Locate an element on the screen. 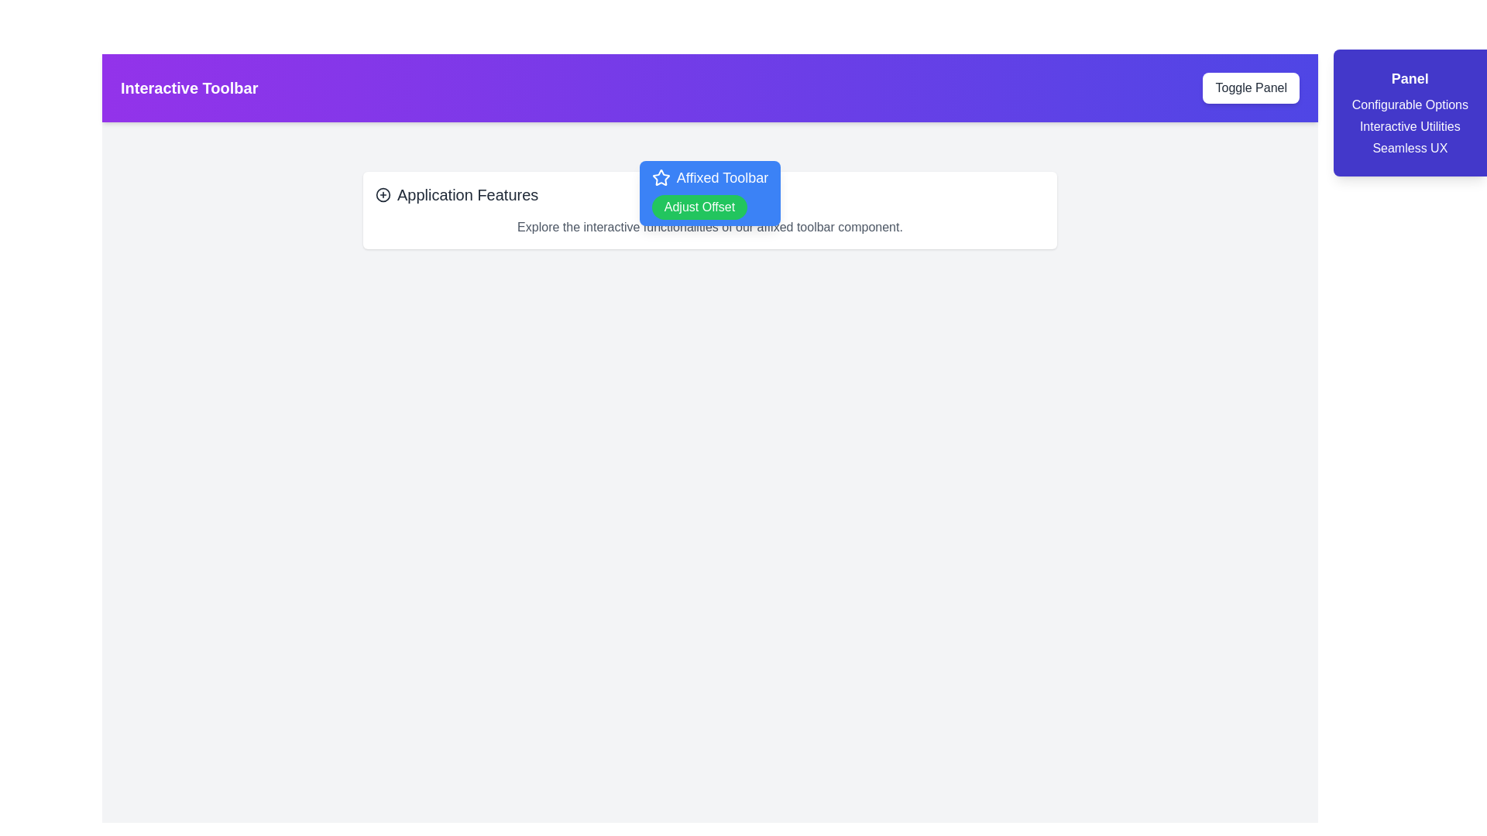 The image size is (1487, 836). the descriptive label located at the top-right of the sidebar panel, which is the first entry among 'Configurable Options', 'Interactive Utilities', and 'Seamless UX' is located at coordinates (1410, 104).